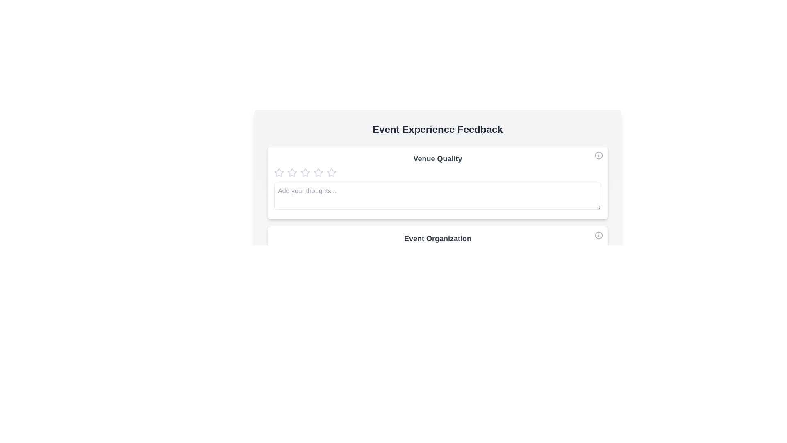  What do you see at coordinates (318, 172) in the screenshot?
I see `the fourth star-shaped rating icon` at bounding box center [318, 172].